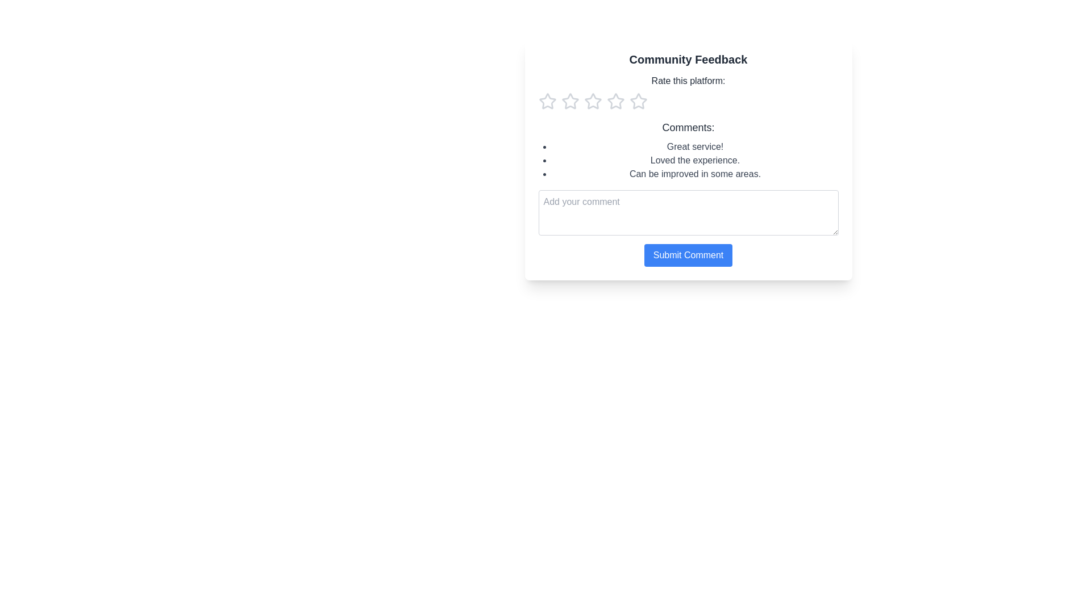 This screenshot has width=1091, height=613. What do you see at coordinates (615, 100) in the screenshot?
I see `the second star icon in the rating system, which is part of a set of five horizontally aligned stars labeled 'Rate this platform:'` at bounding box center [615, 100].